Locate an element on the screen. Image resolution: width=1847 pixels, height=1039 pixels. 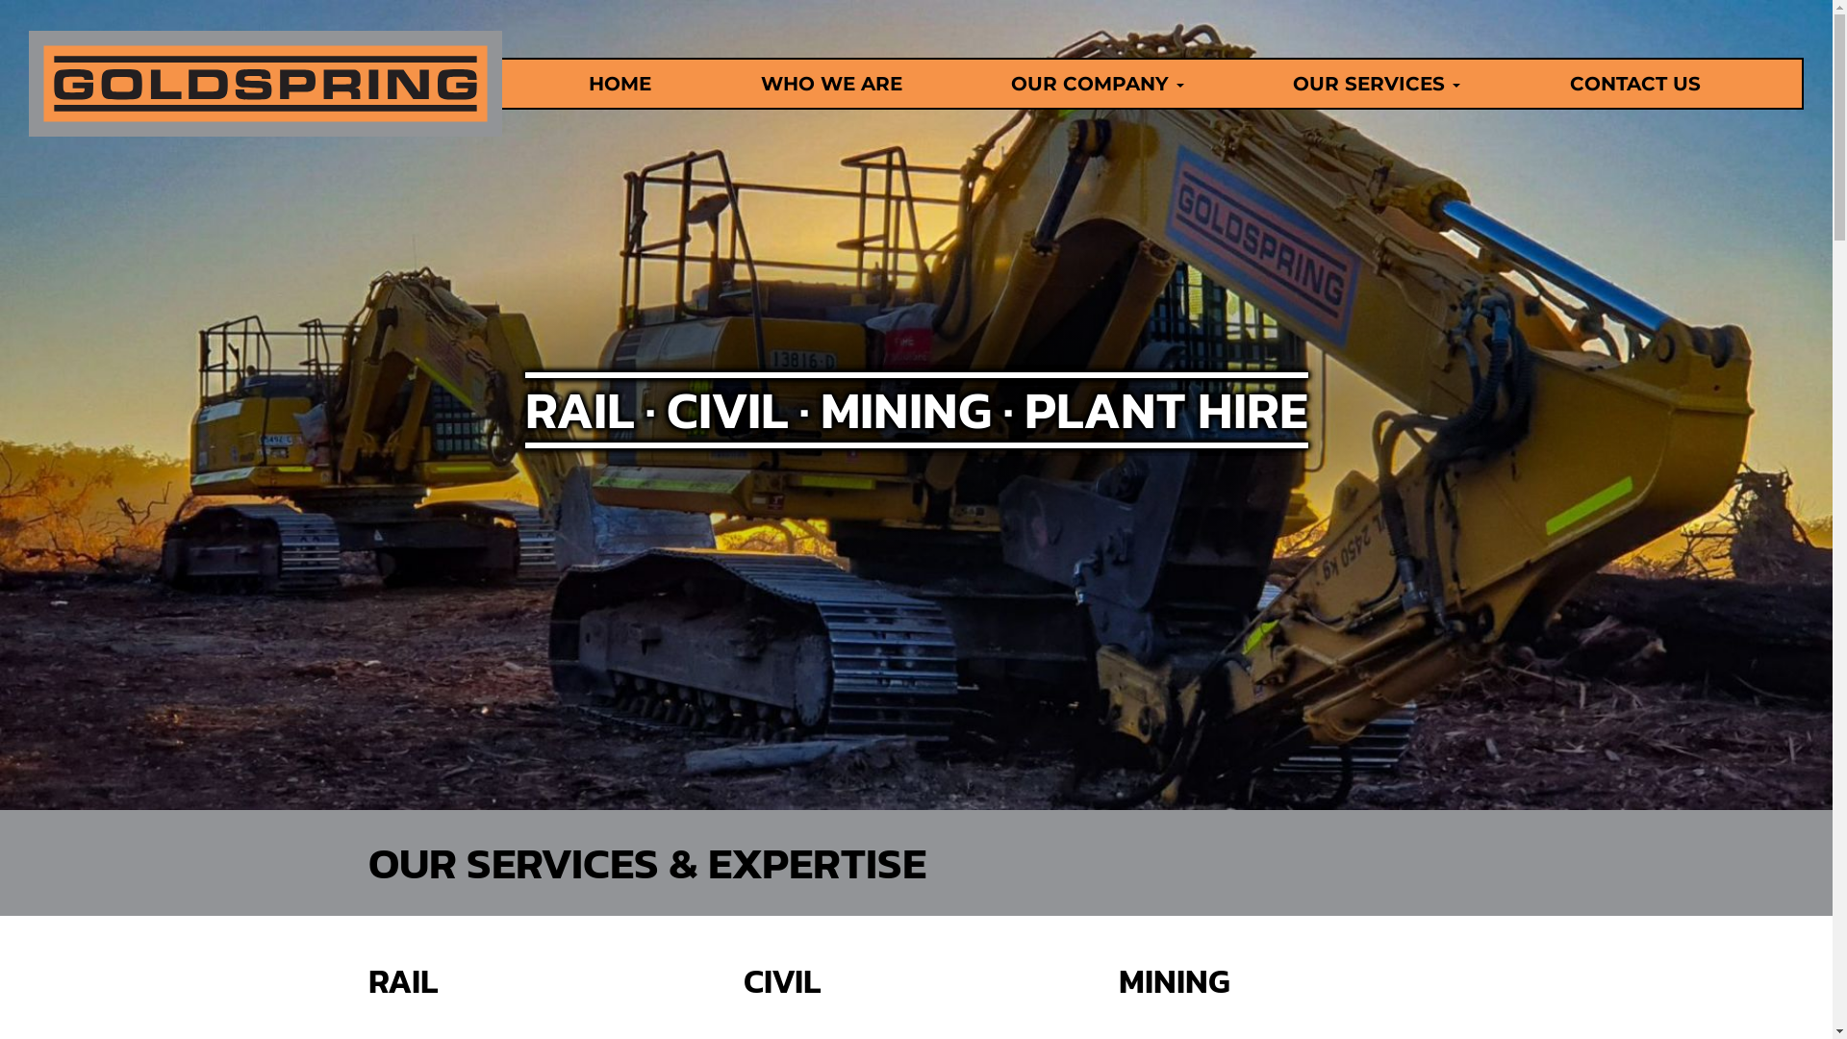
'HOME' is located at coordinates (620, 83).